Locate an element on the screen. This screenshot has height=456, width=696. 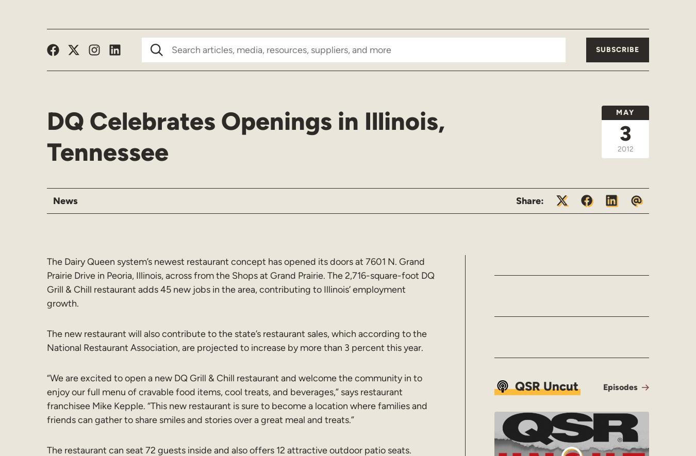
'Growth' is located at coordinates (103, 14).